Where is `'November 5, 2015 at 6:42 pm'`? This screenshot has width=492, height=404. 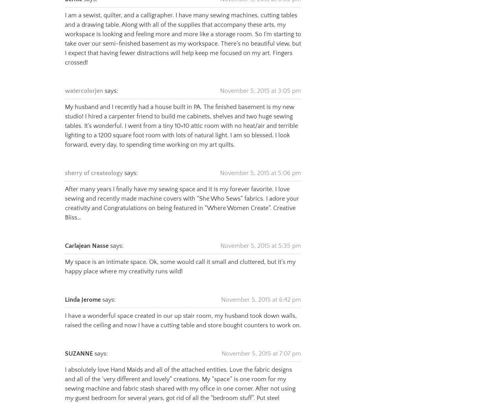
'November 5, 2015 at 6:42 pm' is located at coordinates (261, 290).